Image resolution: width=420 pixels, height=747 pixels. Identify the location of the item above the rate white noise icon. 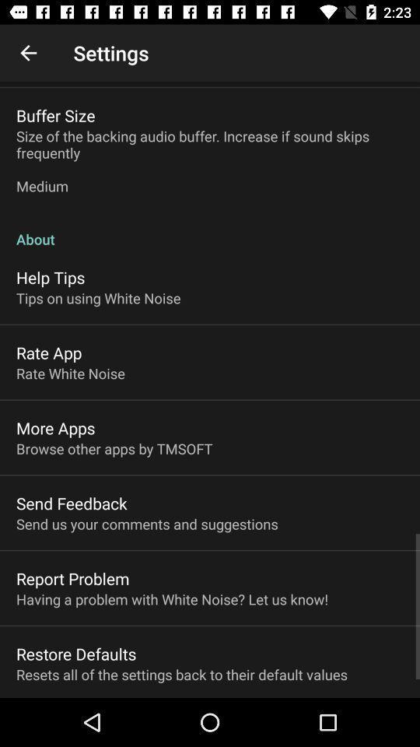
(49, 352).